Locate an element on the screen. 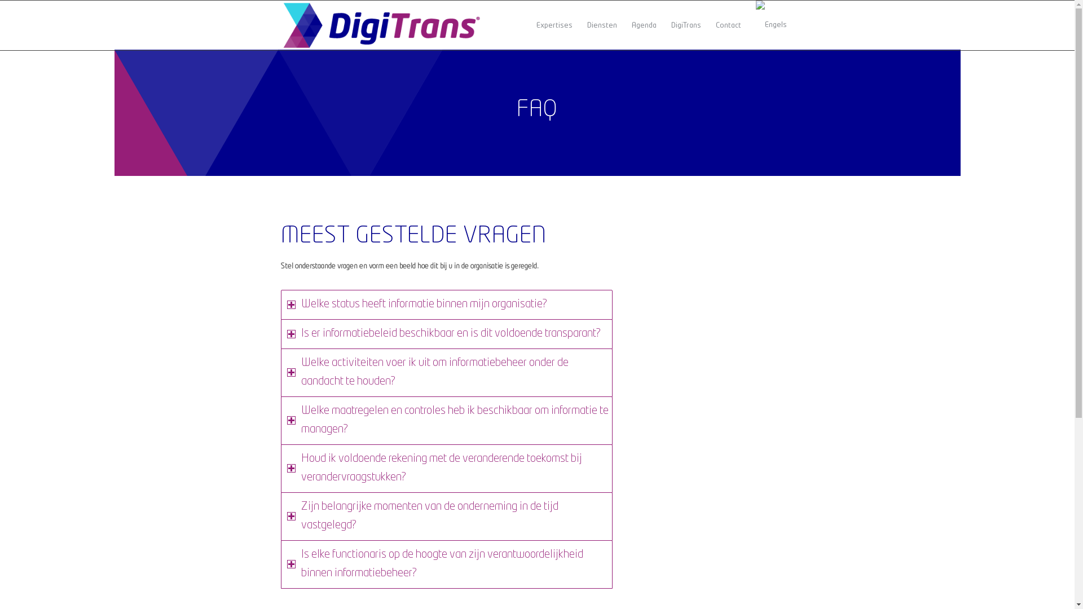 Image resolution: width=1083 pixels, height=609 pixels. 'Contact' is located at coordinates (728, 25).